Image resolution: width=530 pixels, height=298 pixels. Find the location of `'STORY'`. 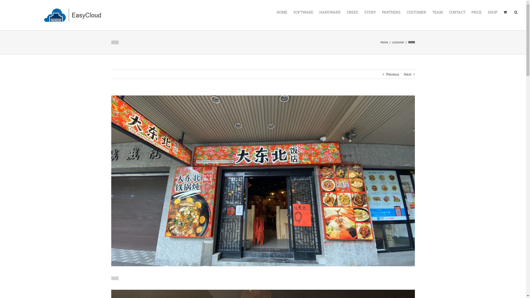

'STORY' is located at coordinates (370, 12).